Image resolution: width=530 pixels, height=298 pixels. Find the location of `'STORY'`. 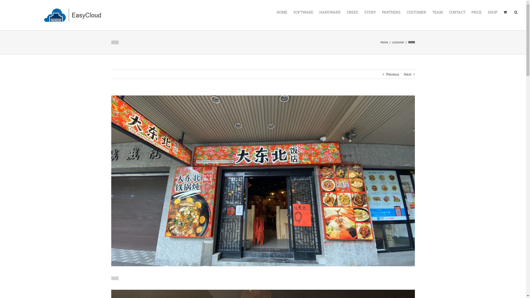

'STORY' is located at coordinates (370, 12).